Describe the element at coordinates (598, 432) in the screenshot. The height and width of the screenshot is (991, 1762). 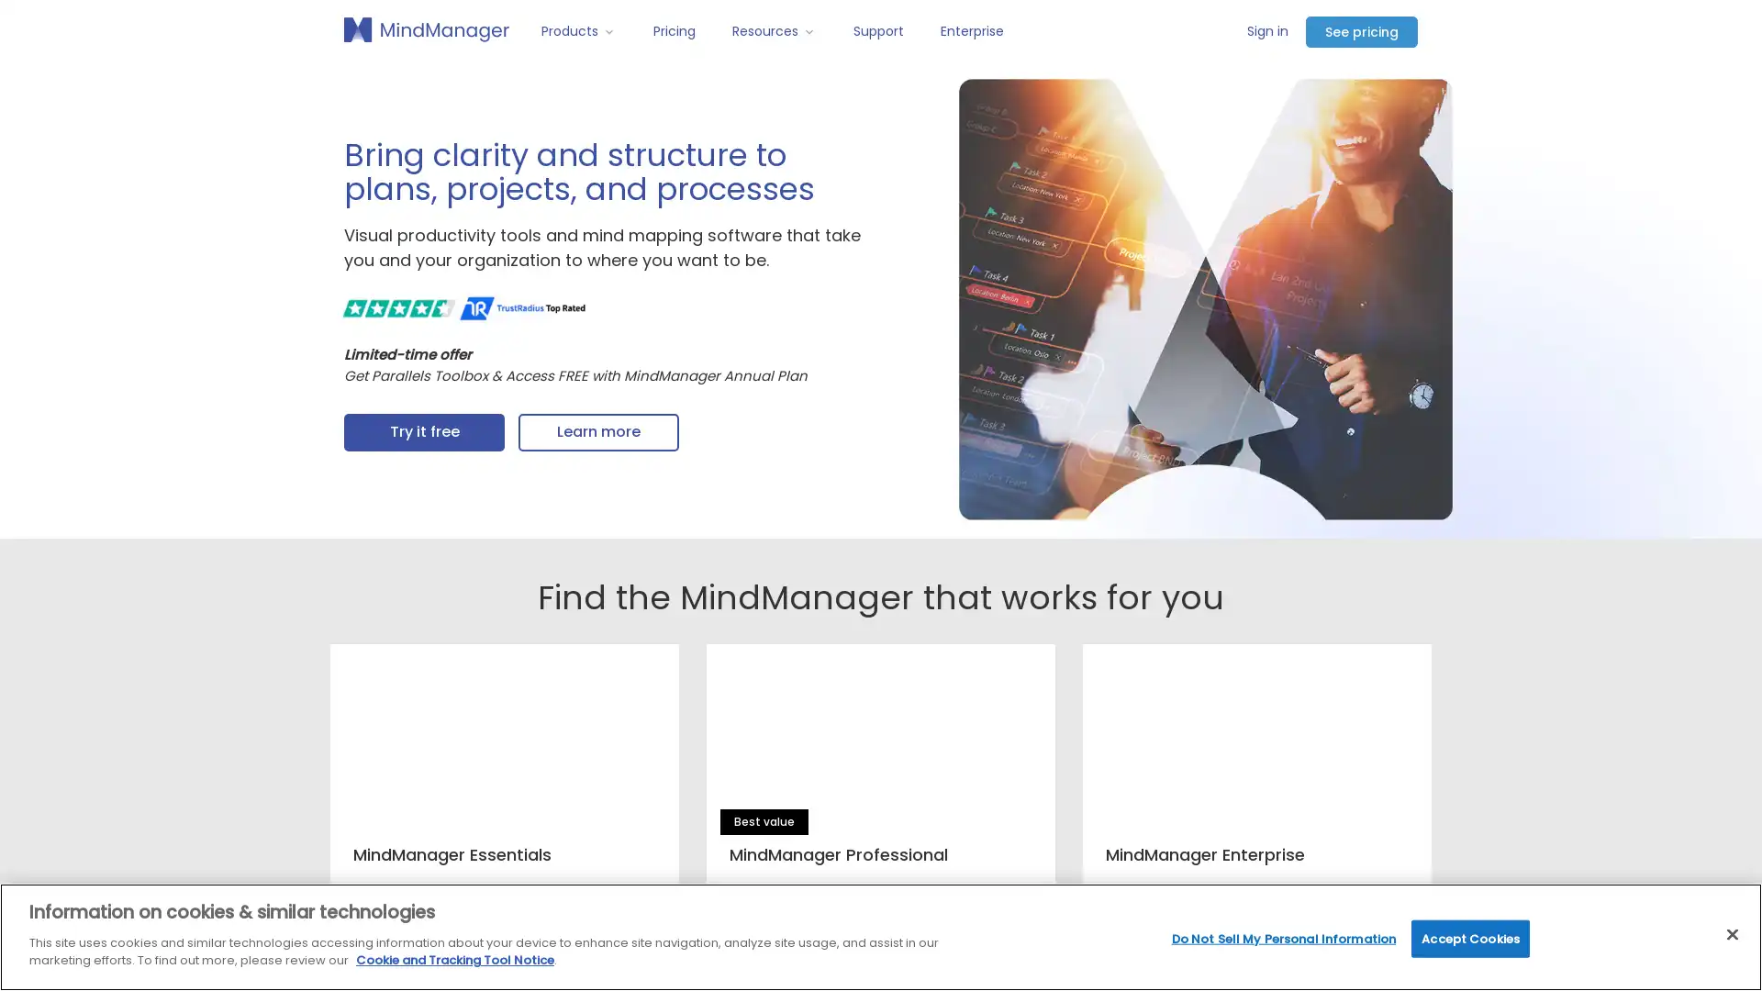
I see `Learn more` at that location.